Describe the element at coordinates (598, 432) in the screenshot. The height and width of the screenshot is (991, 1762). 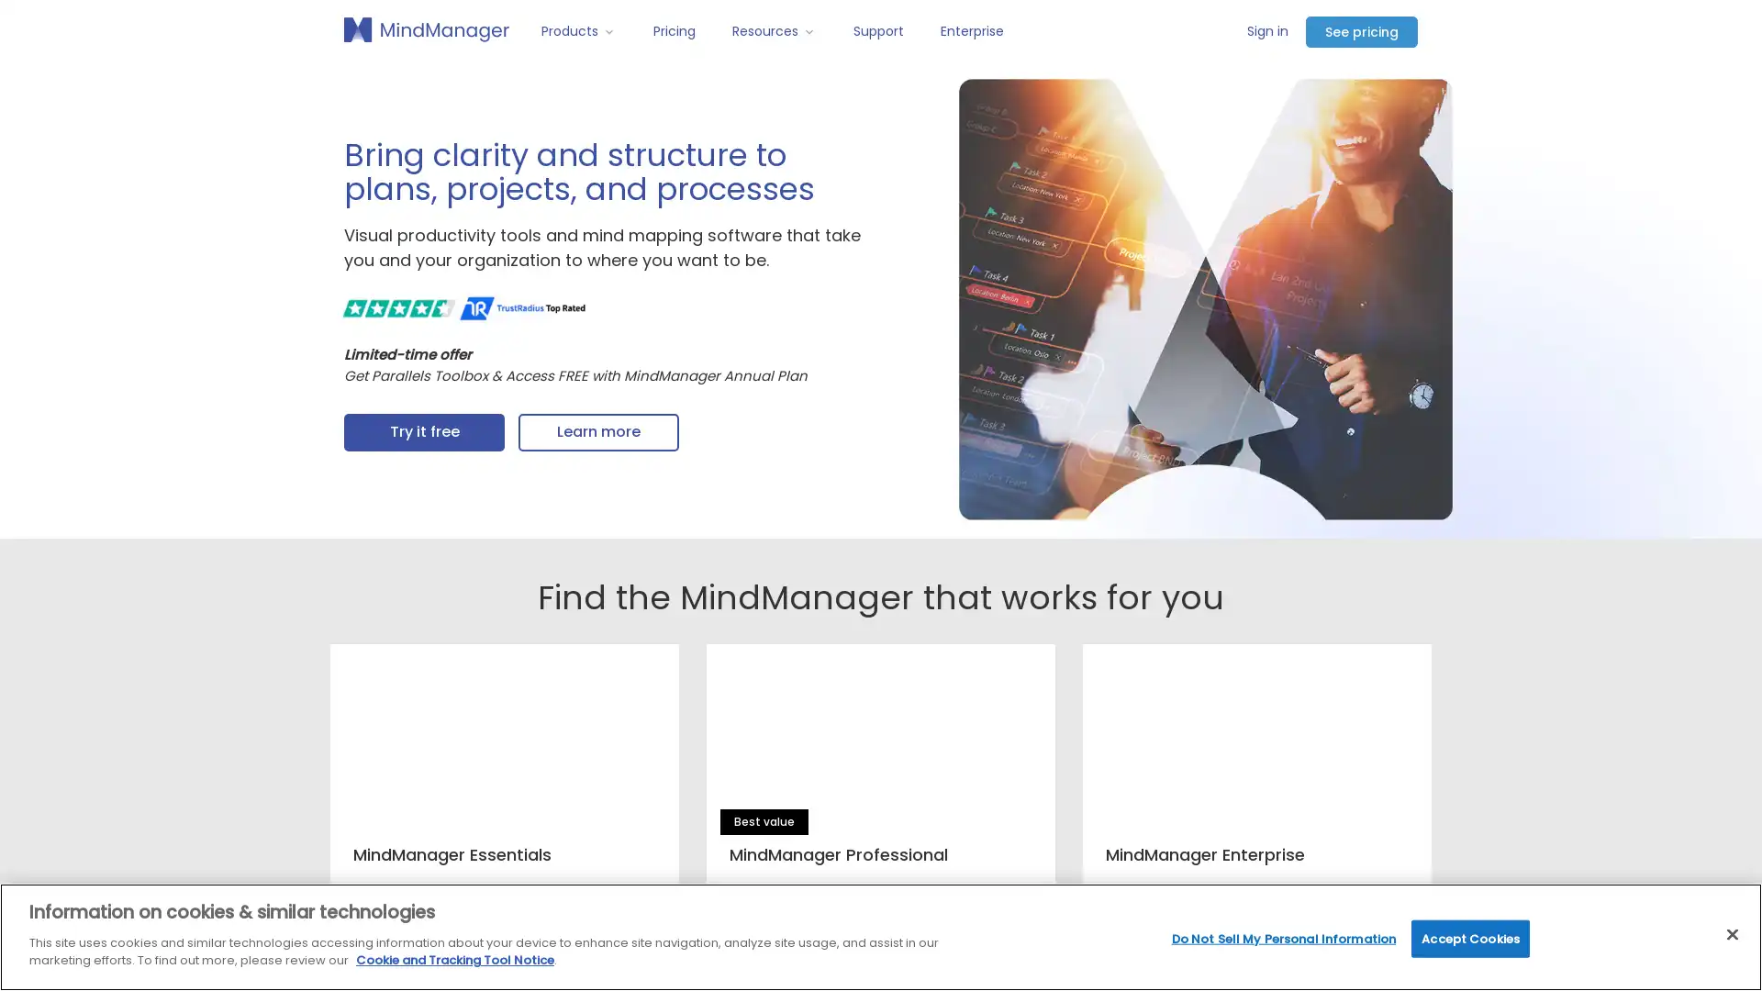
I see `Learn more` at that location.